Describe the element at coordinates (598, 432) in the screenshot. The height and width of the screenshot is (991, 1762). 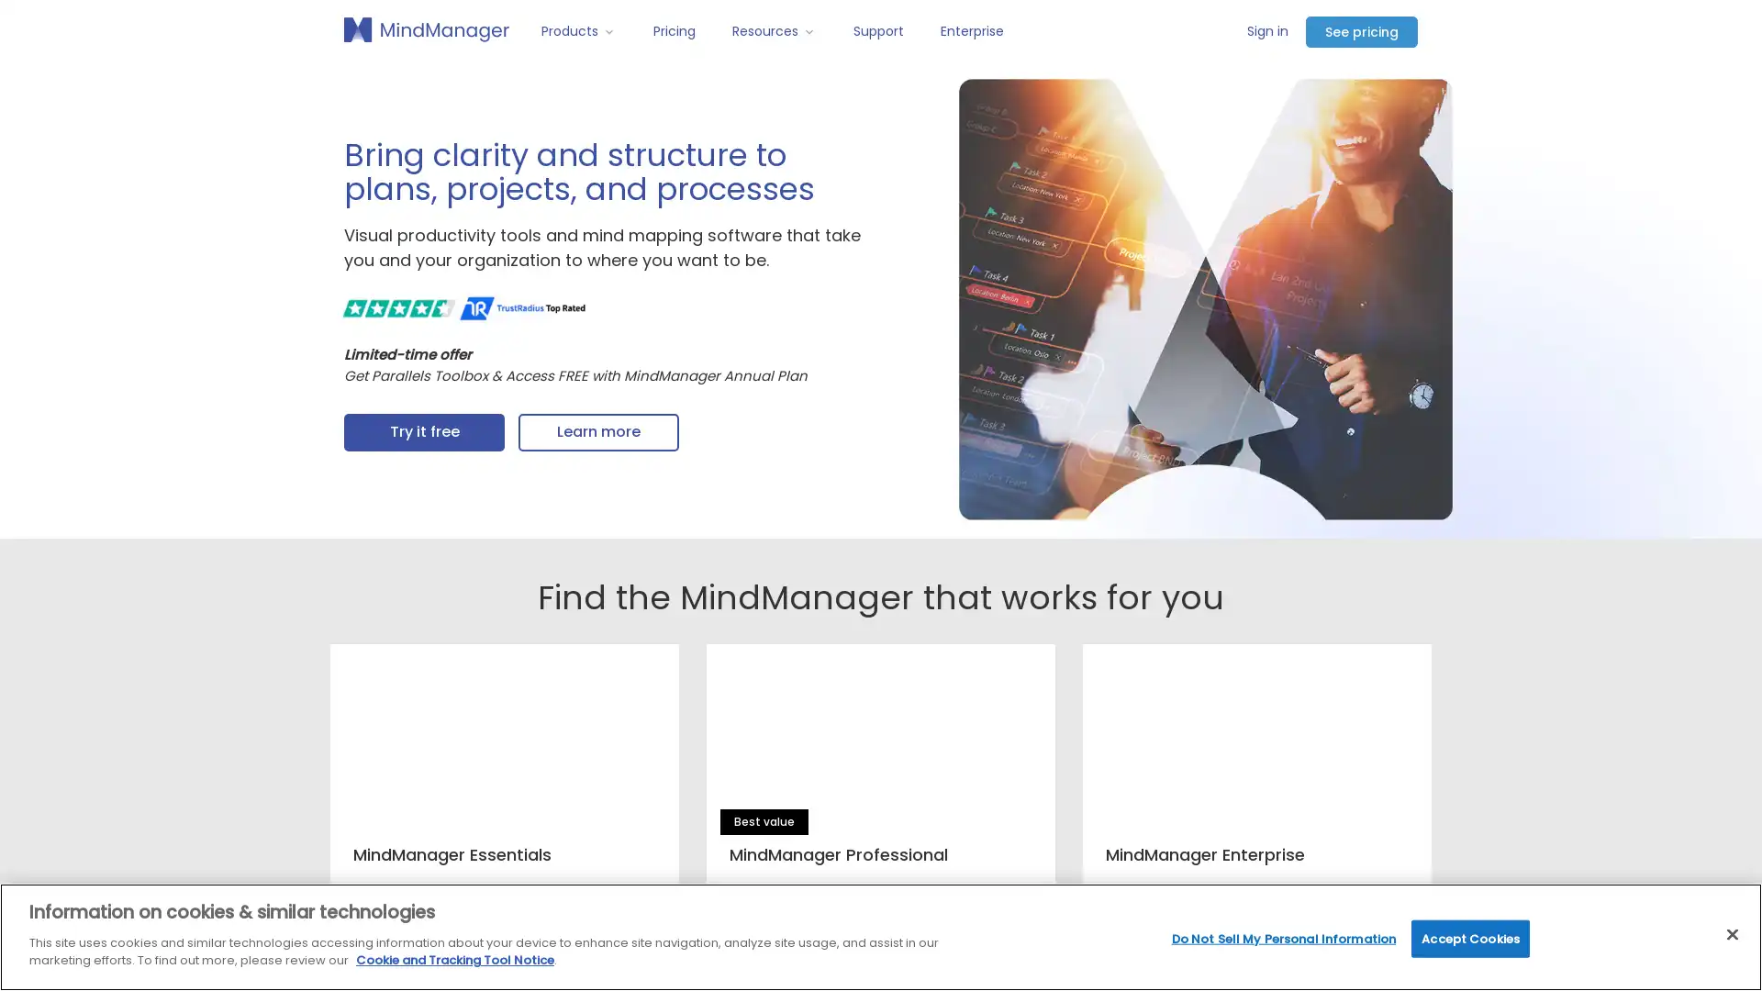
I see `Learn more` at that location.